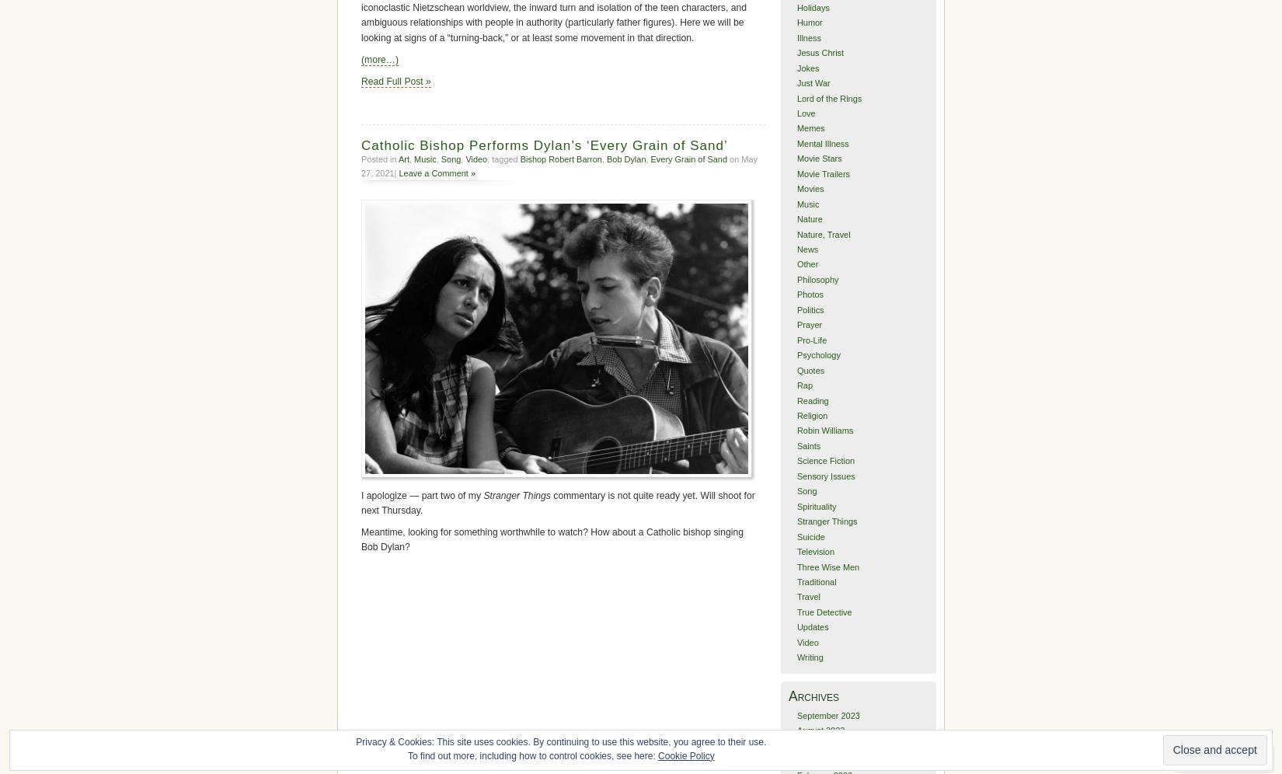 This screenshot has height=774, width=1282. I want to click on 'Every Grain of Sand', so click(688, 159).